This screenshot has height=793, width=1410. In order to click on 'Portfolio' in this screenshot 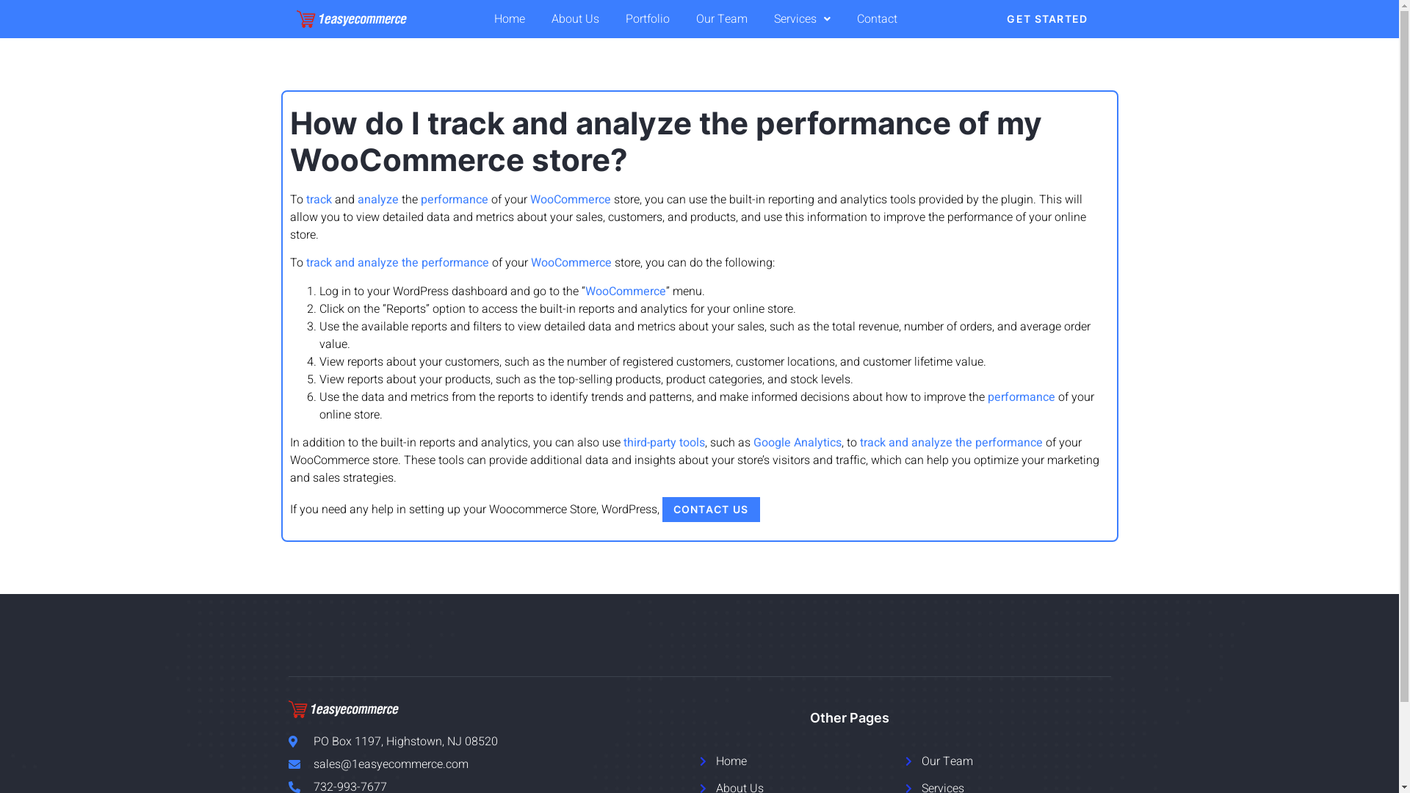, I will do `click(612, 19)`.